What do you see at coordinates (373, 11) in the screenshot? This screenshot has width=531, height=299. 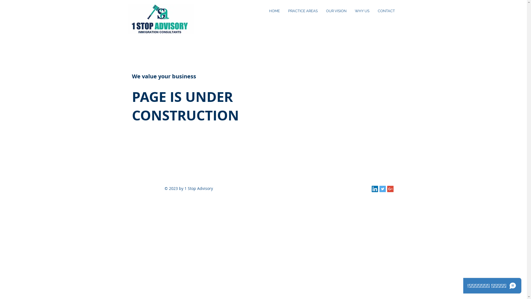 I see `'CONTACT'` at bounding box center [373, 11].